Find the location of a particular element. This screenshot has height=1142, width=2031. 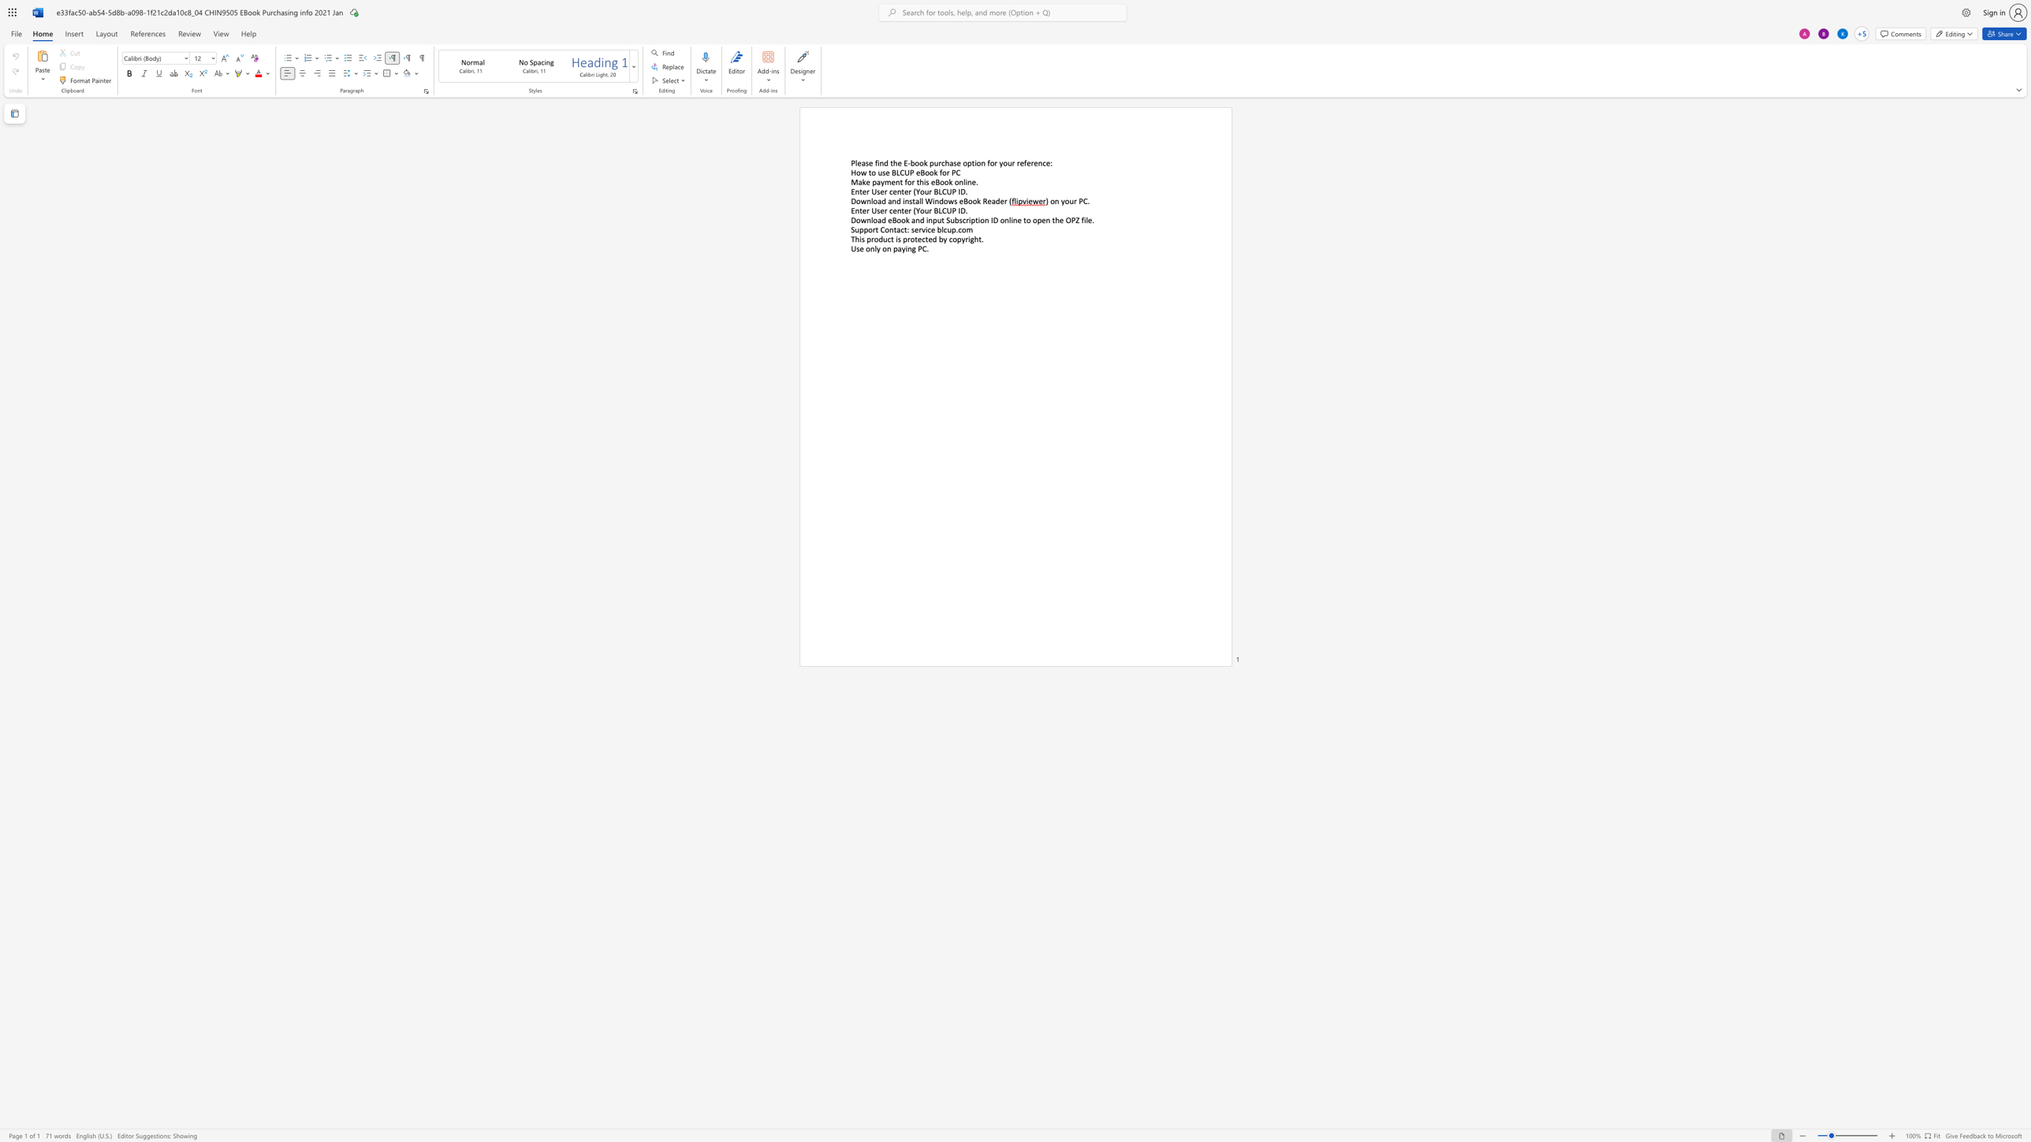

the subset text "on" within the text "Make payment for this eBook online." is located at coordinates (954, 181).